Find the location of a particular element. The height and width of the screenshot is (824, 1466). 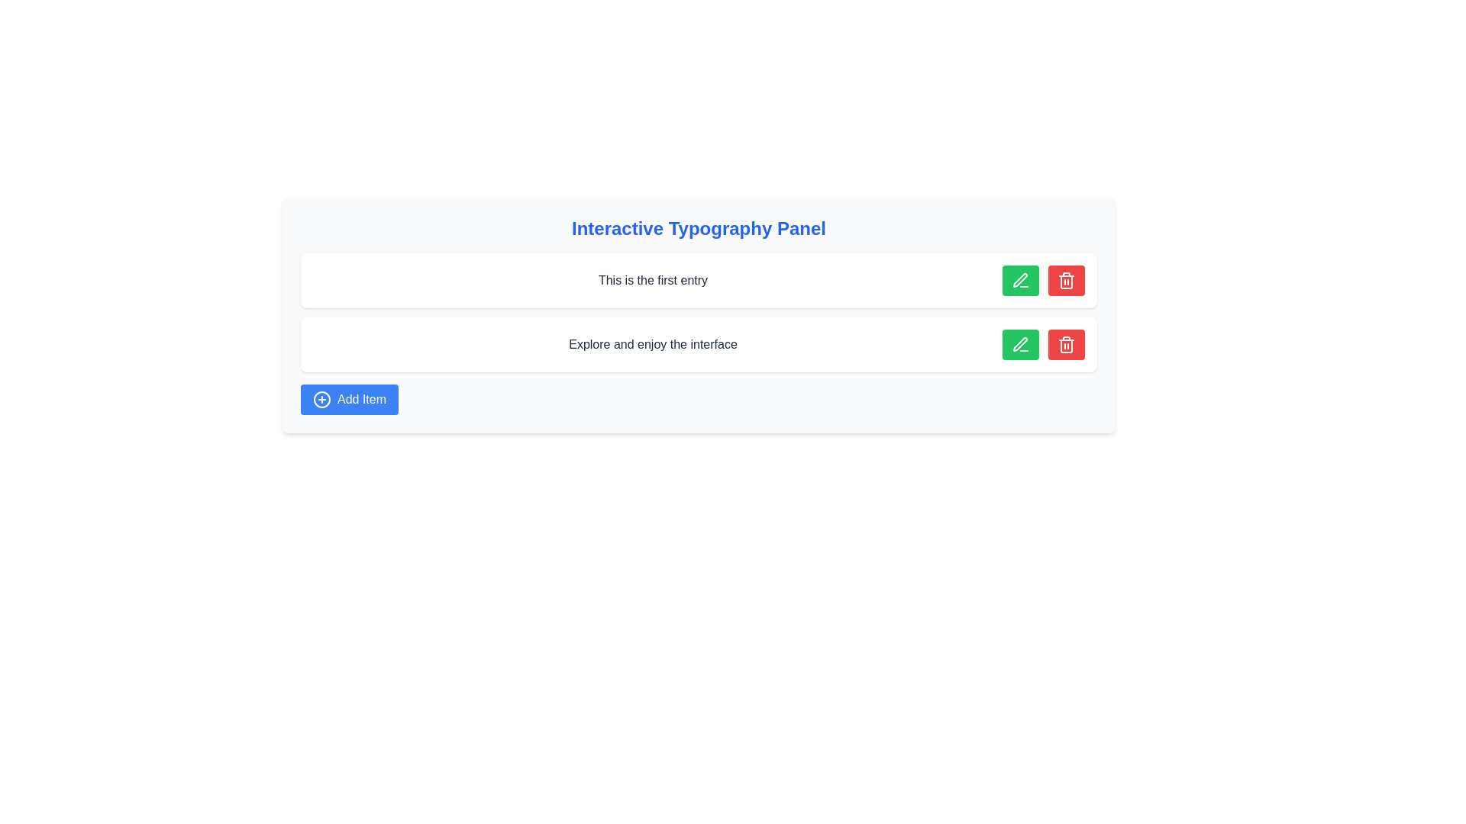

the pen-shaped icon within the green button located to the right of the text line 'This is the first entry' in the interactive typography panel is located at coordinates (1020, 280).